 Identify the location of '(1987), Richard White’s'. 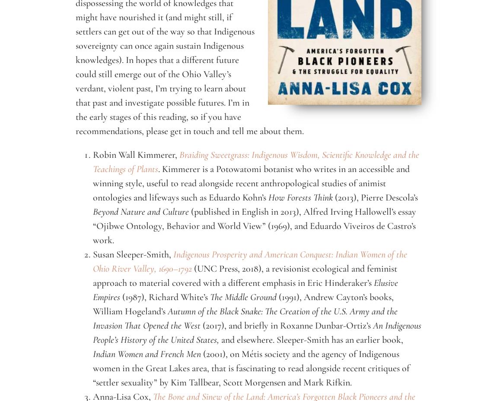
(165, 297).